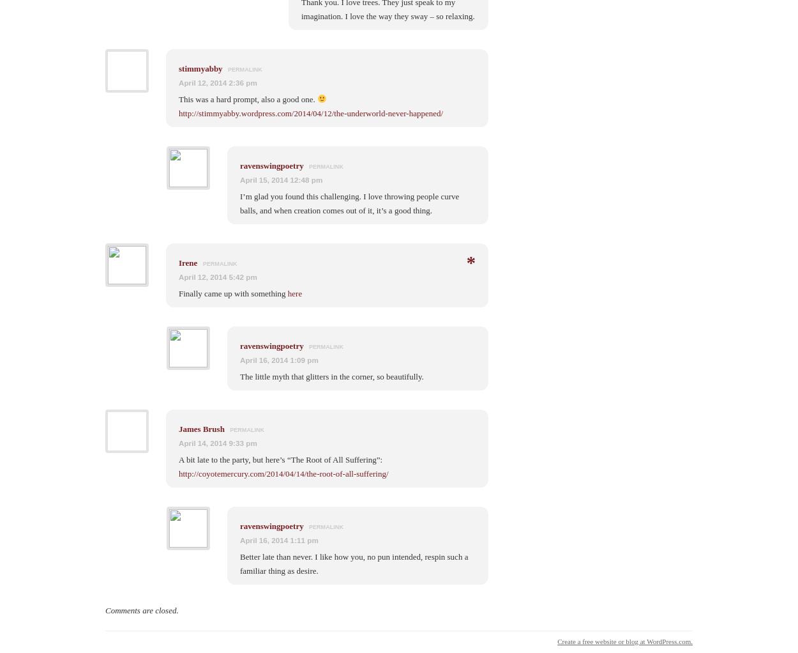 The image size is (798, 653). What do you see at coordinates (280, 459) in the screenshot?
I see `'A bit late to the party, but here’s “The Root of All Suffering”:'` at bounding box center [280, 459].